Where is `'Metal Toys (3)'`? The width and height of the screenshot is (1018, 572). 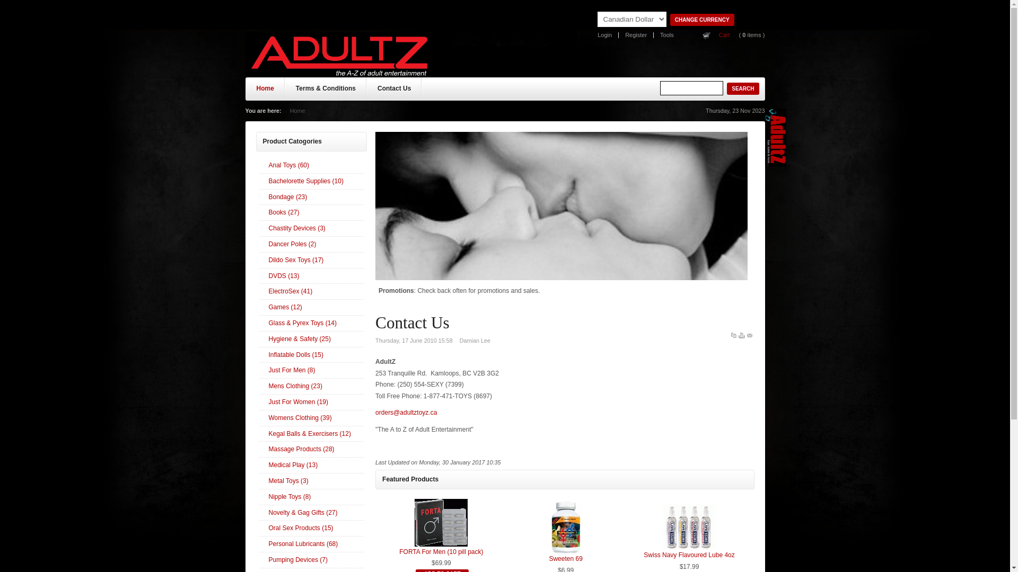
'Metal Toys (3)' is located at coordinates (259, 481).